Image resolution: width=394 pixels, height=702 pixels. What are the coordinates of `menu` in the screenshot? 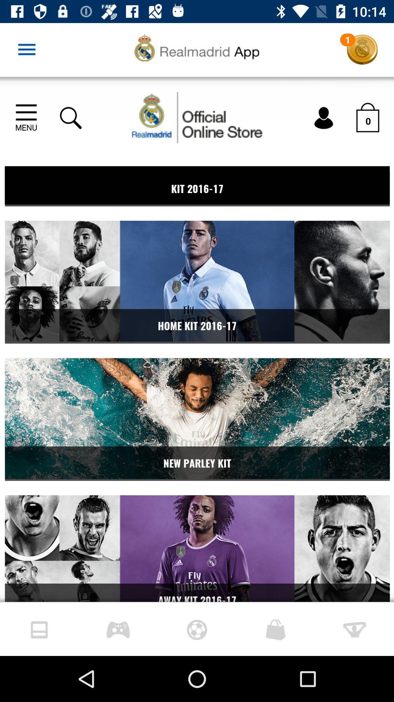 It's located at (26, 49).